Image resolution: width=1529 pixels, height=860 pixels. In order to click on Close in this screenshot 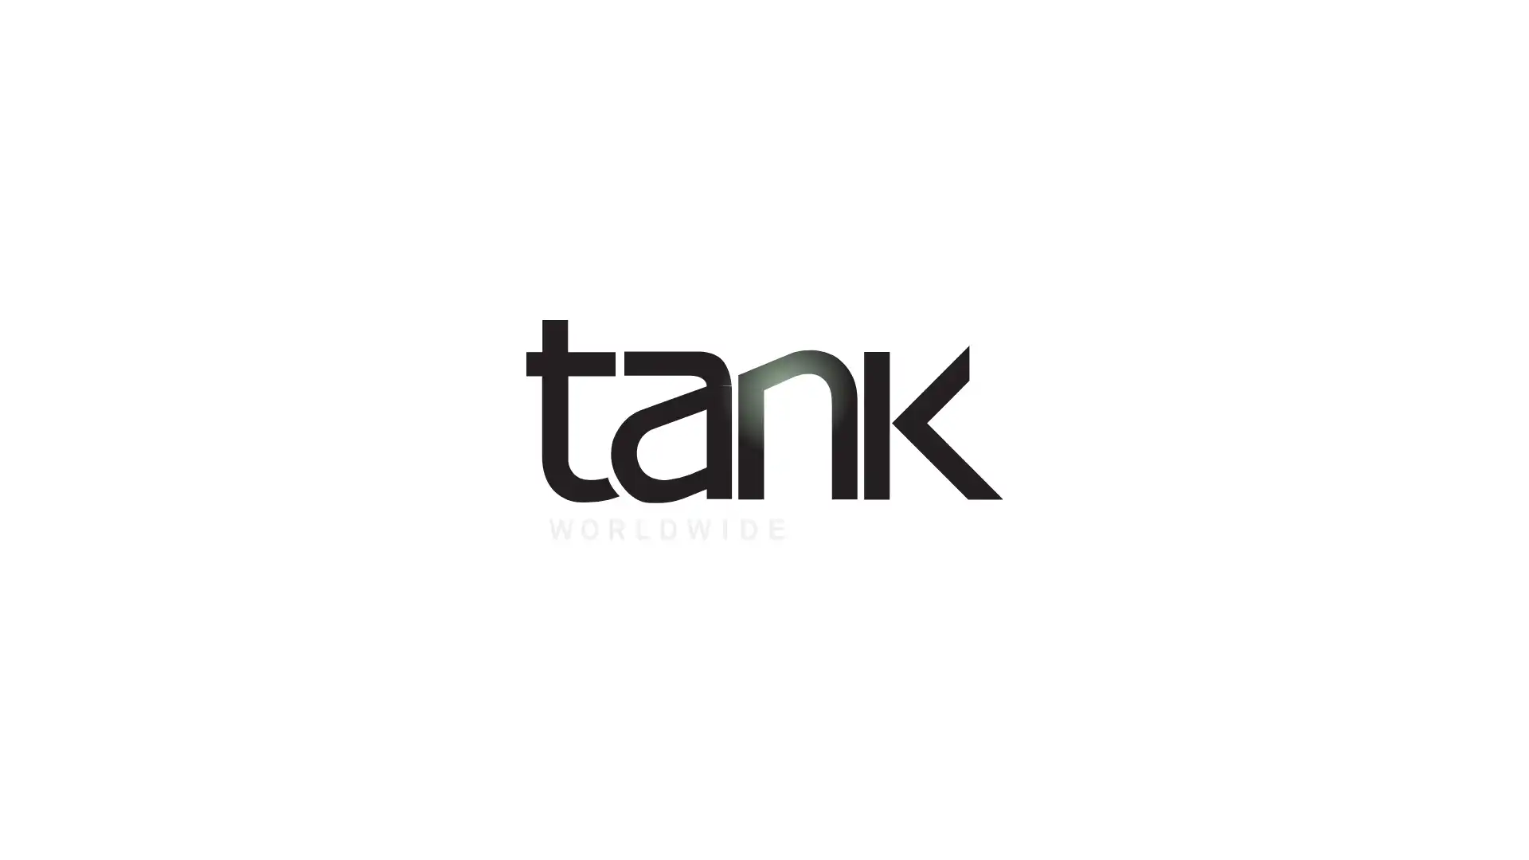, I will do `click(1502, 831)`.